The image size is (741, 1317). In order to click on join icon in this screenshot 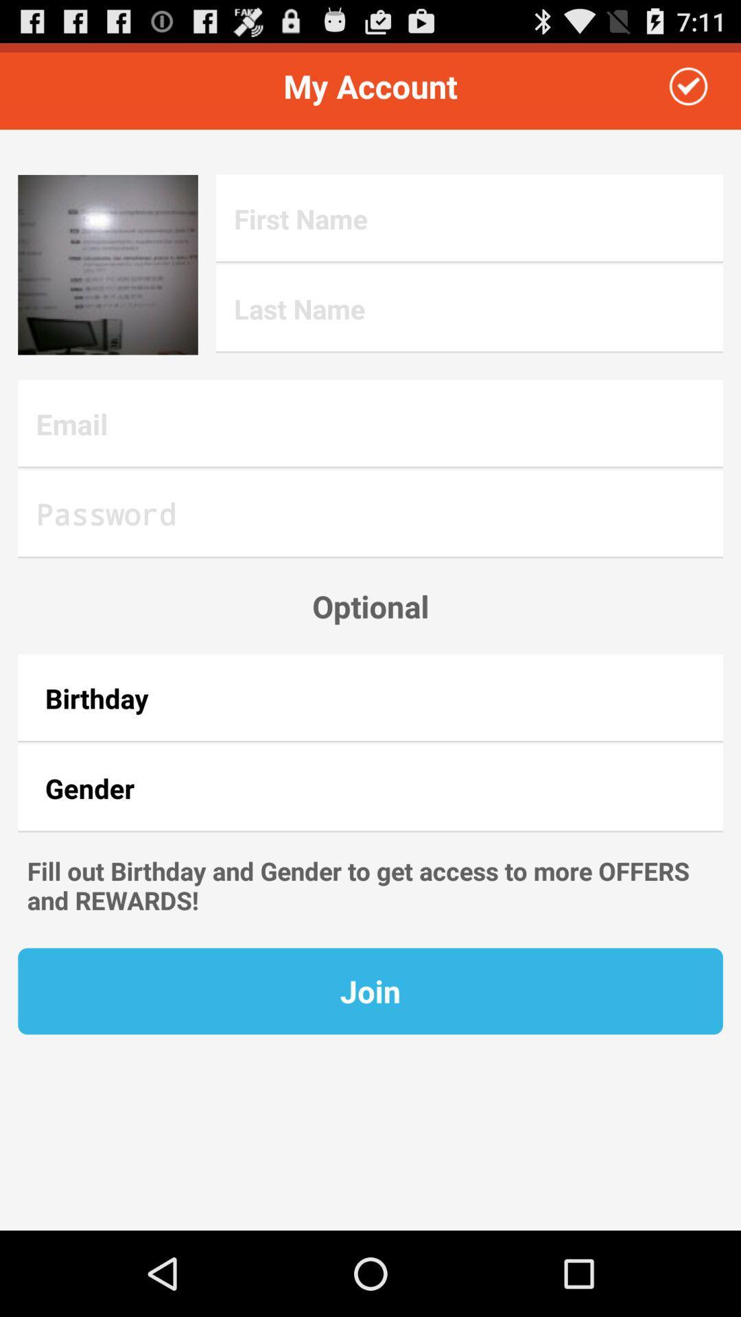, I will do `click(370, 991)`.